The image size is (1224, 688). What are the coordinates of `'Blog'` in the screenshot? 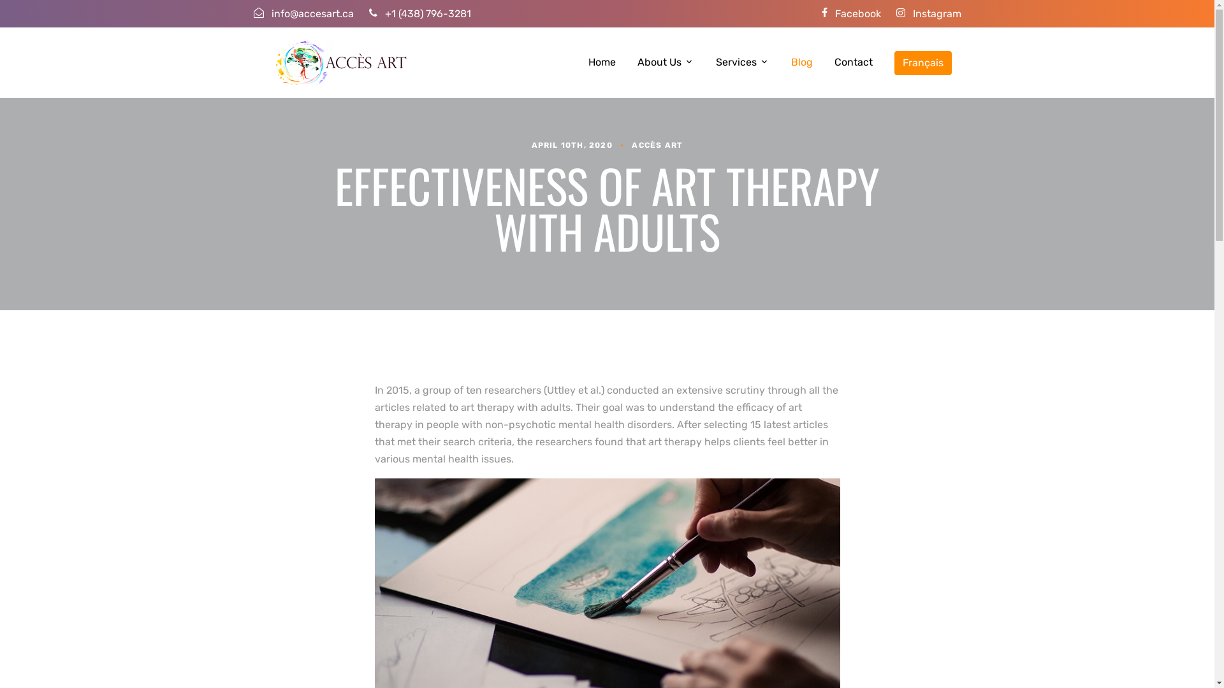 It's located at (801, 62).